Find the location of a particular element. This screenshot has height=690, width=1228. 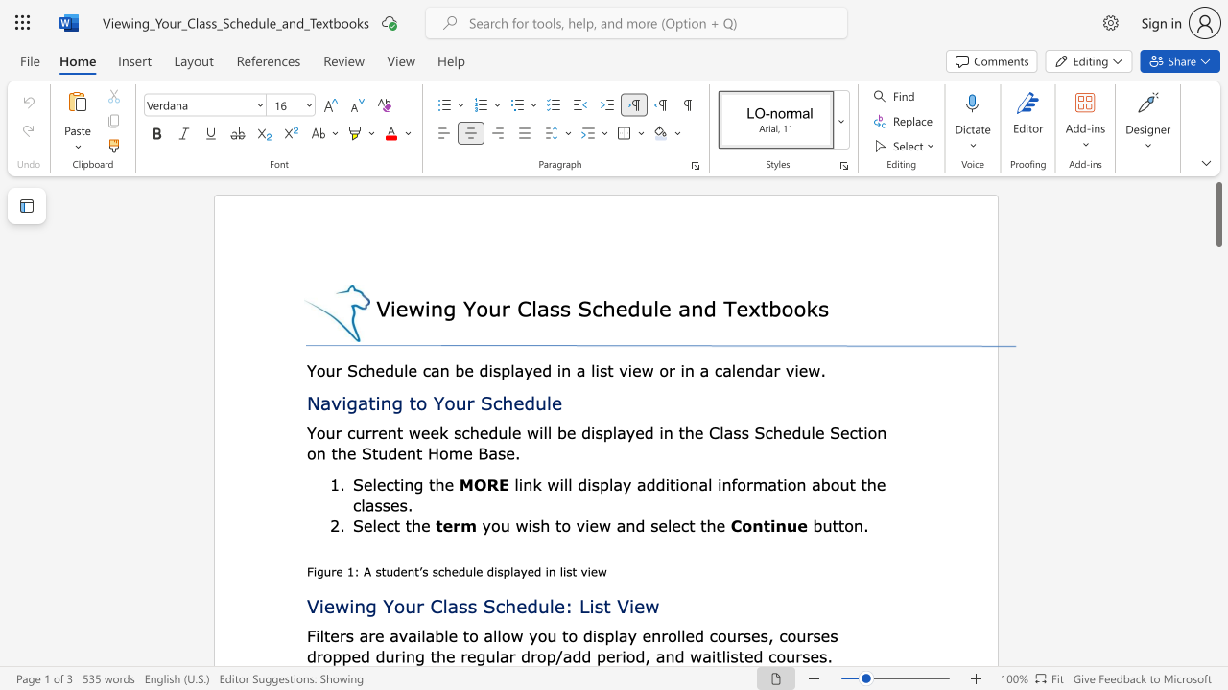

the scrollbar to slide the page down is located at coordinates (1217, 470).